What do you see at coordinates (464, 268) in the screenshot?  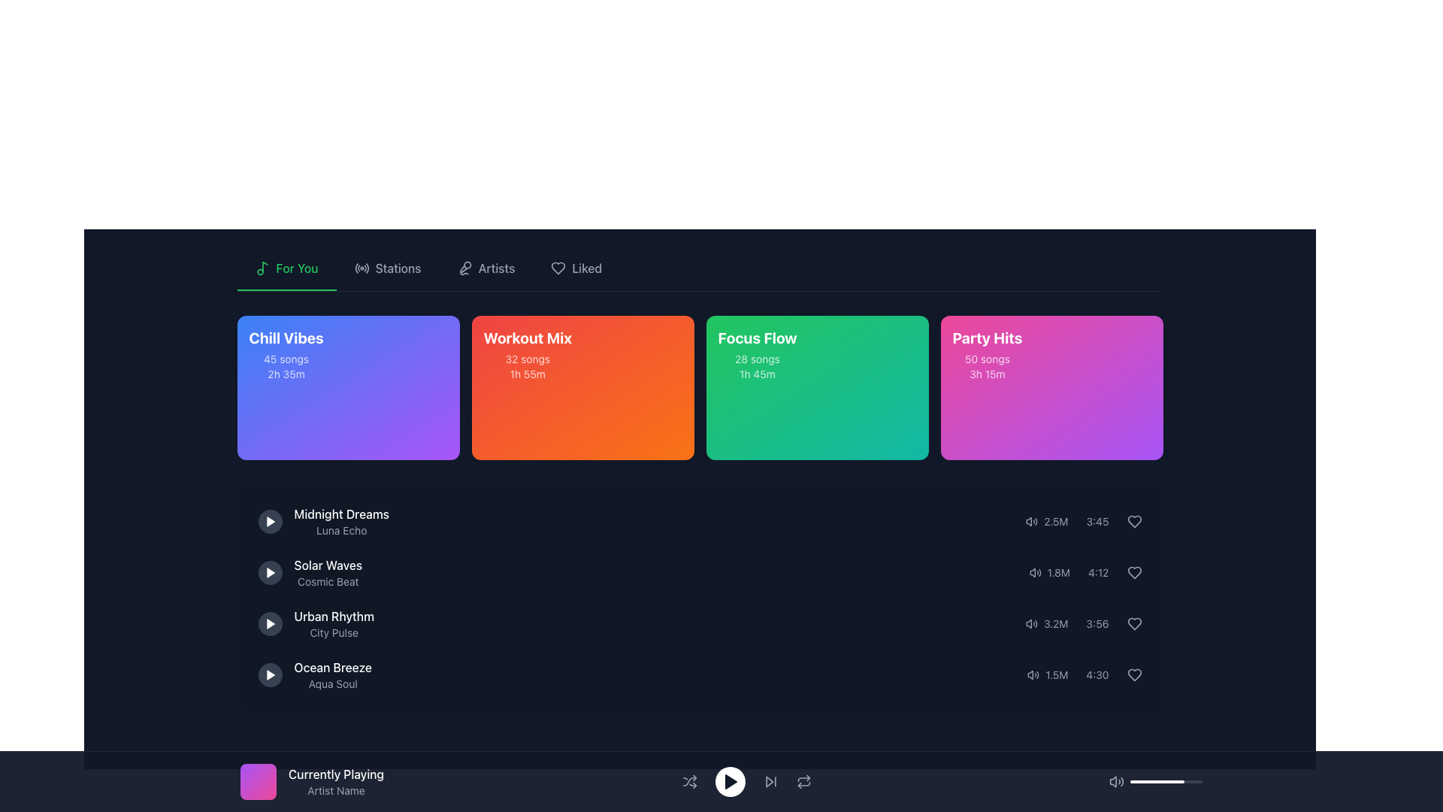 I see `the decorative icon representing the 'Artists' section located in the menu bar adjacent to the 'Artists' label` at bounding box center [464, 268].